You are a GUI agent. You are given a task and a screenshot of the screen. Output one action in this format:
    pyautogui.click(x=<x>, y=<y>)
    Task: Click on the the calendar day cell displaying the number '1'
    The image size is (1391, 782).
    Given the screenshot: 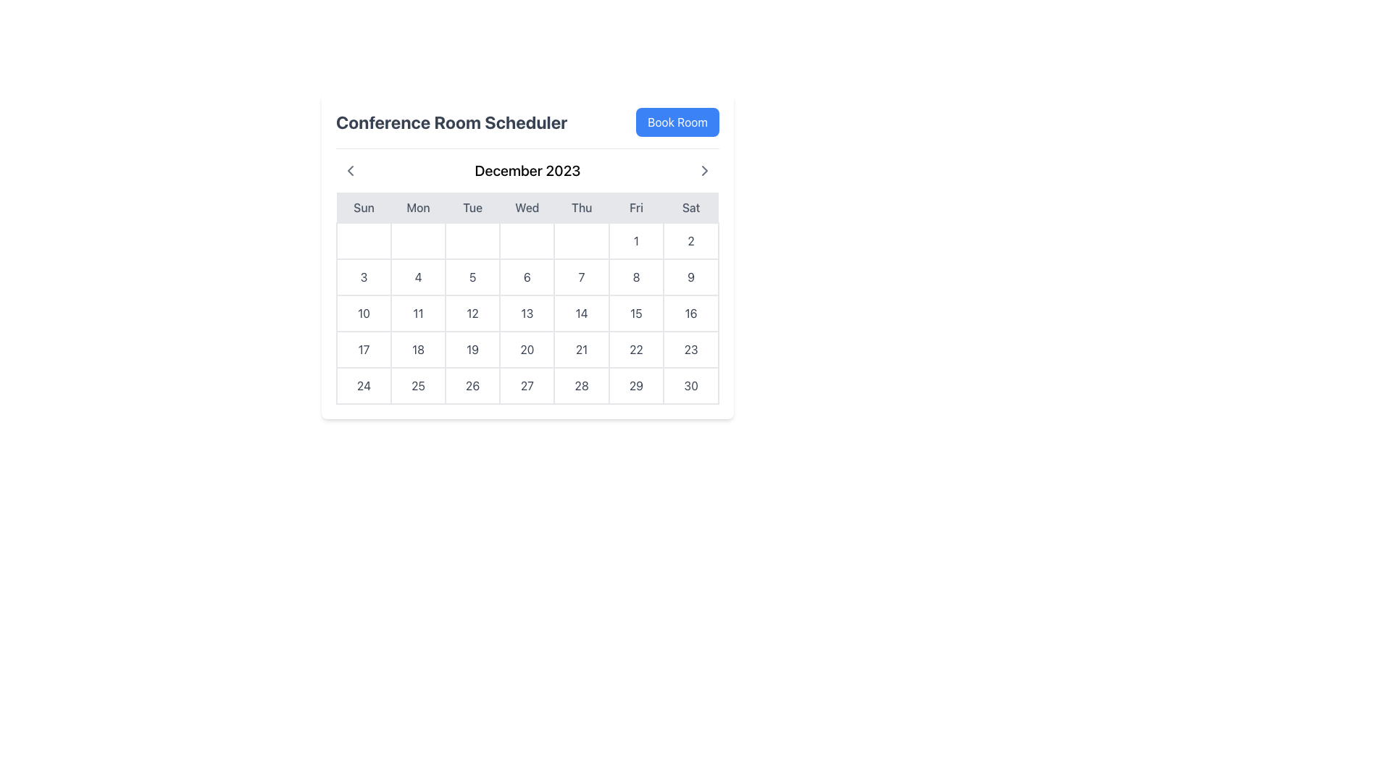 What is the action you would take?
    pyautogui.click(x=636, y=240)
    